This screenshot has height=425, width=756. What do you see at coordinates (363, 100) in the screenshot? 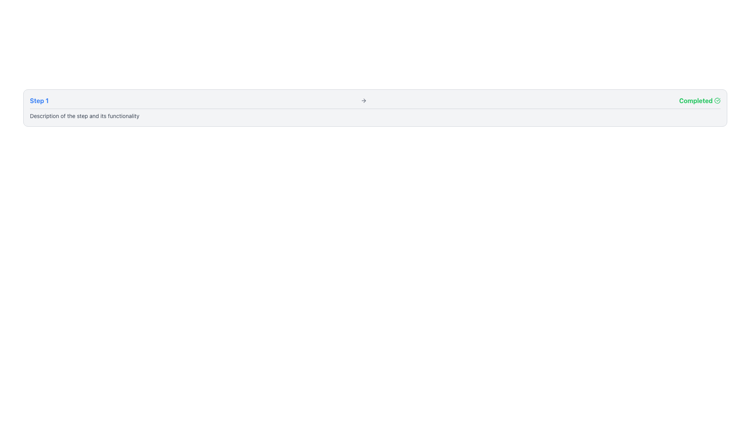
I see `the rightward-pointing arrow icon, which is minimalistic and gray, positioned between 'Step 1' and 'Completed'` at bounding box center [363, 100].